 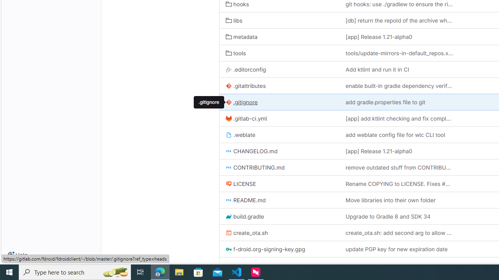 I want to click on '.gitattributes', so click(x=245, y=86).